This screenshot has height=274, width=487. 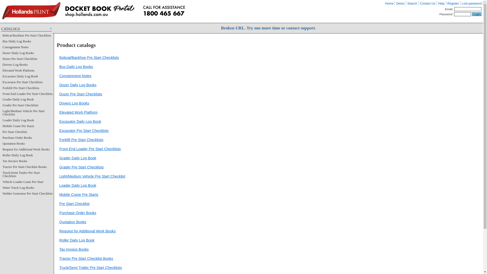 What do you see at coordinates (80, 94) in the screenshot?
I see `'Dozer Pre Start Checklists'` at bounding box center [80, 94].